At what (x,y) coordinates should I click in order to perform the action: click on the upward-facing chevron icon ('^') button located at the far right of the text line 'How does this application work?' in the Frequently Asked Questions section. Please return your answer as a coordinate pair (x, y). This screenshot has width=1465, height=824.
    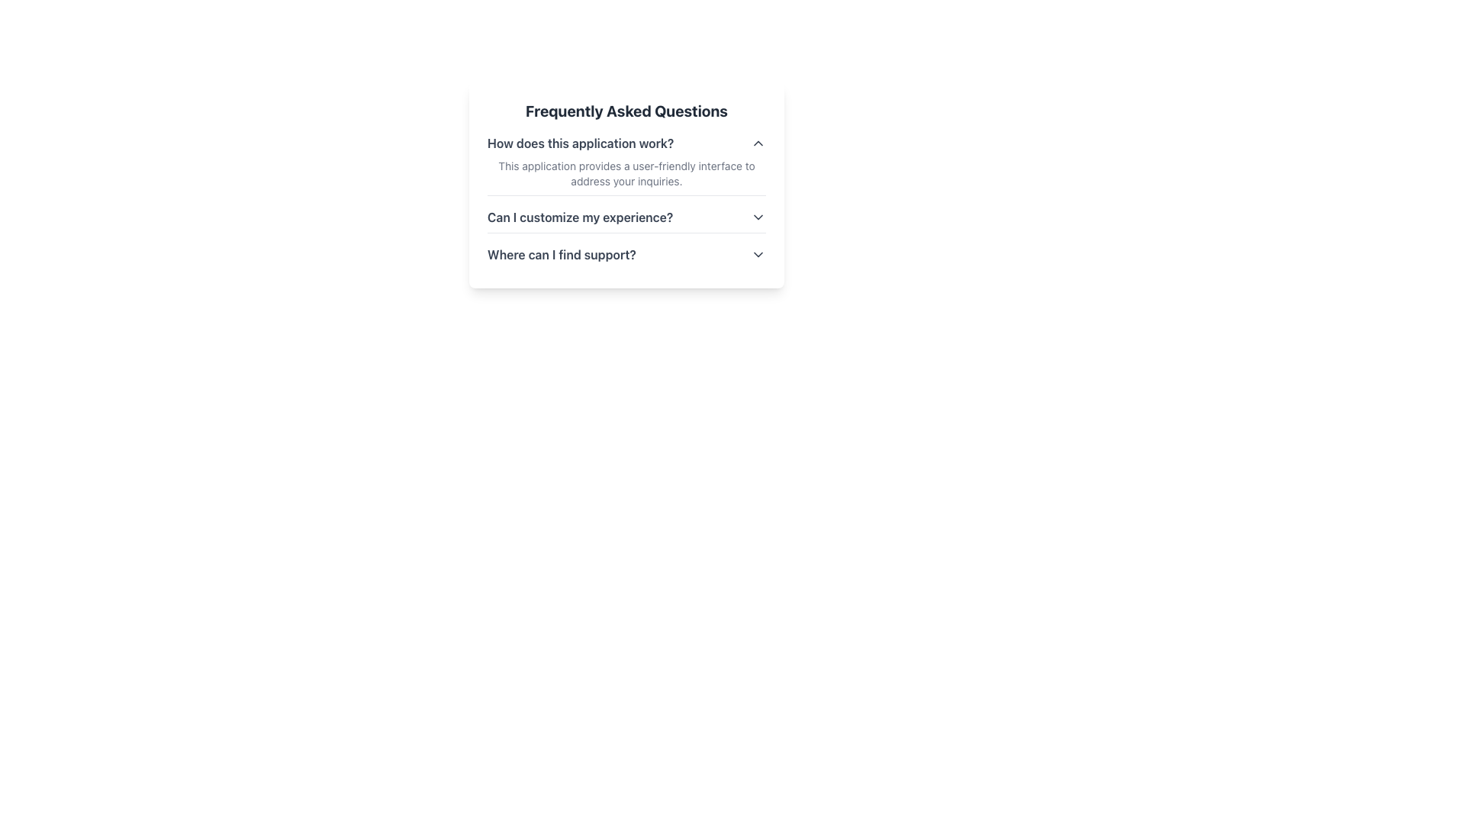
    Looking at the image, I should click on (758, 143).